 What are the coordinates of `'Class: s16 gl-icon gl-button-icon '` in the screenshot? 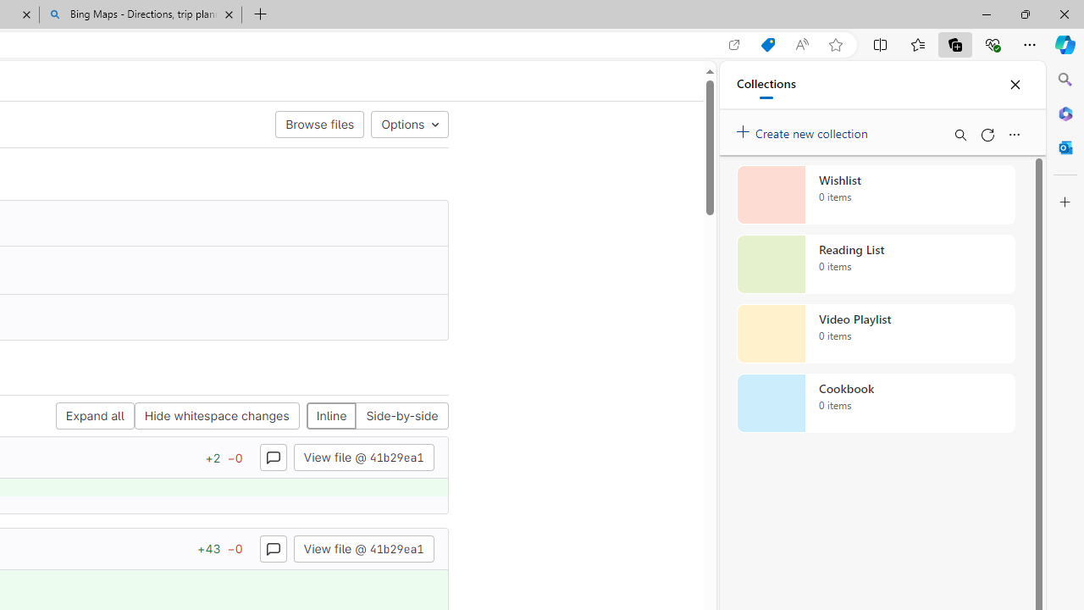 It's located at (273, 548).